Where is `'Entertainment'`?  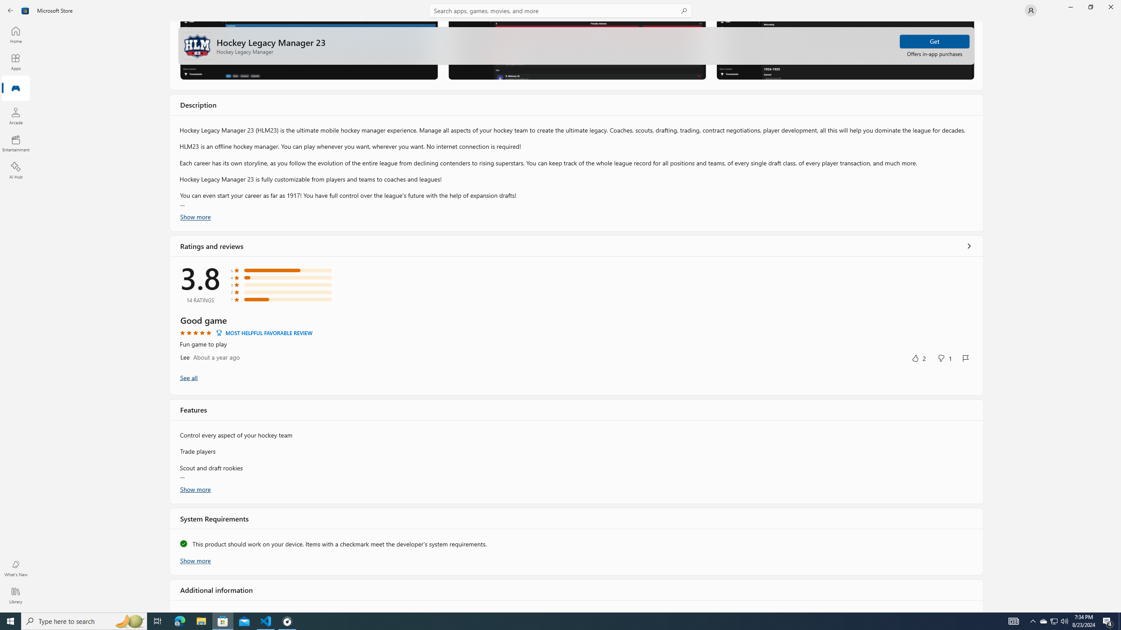
'Entertainment' is located at coordinates (15, 143).